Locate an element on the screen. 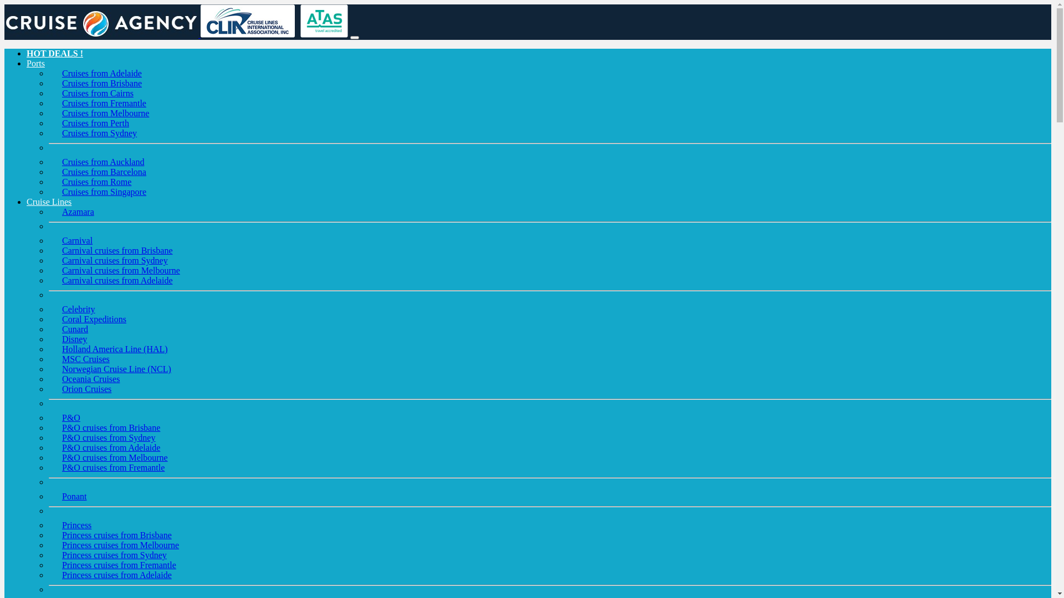 This screenshot has width=1064, height=598. 'Coral Expeditions' is located at coordinates (94, 319).